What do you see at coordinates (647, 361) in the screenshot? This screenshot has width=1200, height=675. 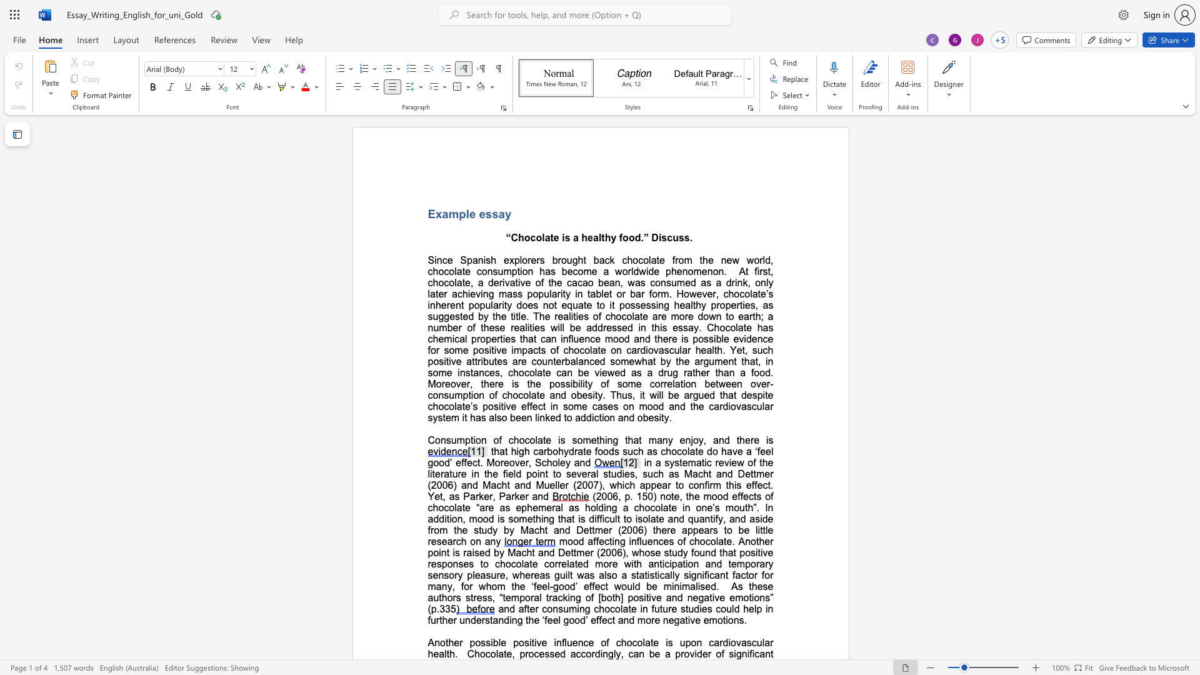 I see `the space between the continuous character "h" and "a" in the text` at bounding box center [647, 361].